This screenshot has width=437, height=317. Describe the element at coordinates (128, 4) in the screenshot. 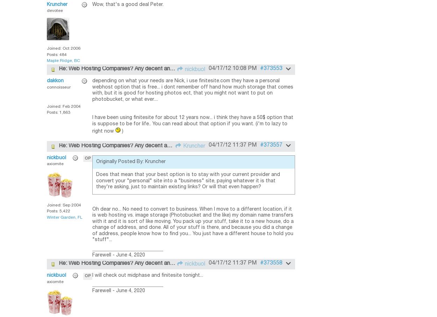

I see `'Wow, that's a good deal Peter.'` at that location.